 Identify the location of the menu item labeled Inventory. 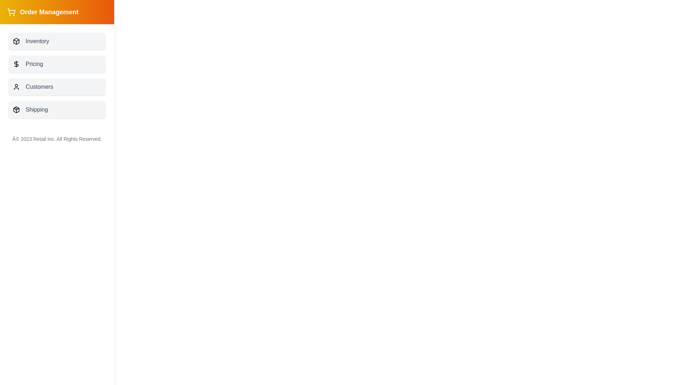
(56, 41).